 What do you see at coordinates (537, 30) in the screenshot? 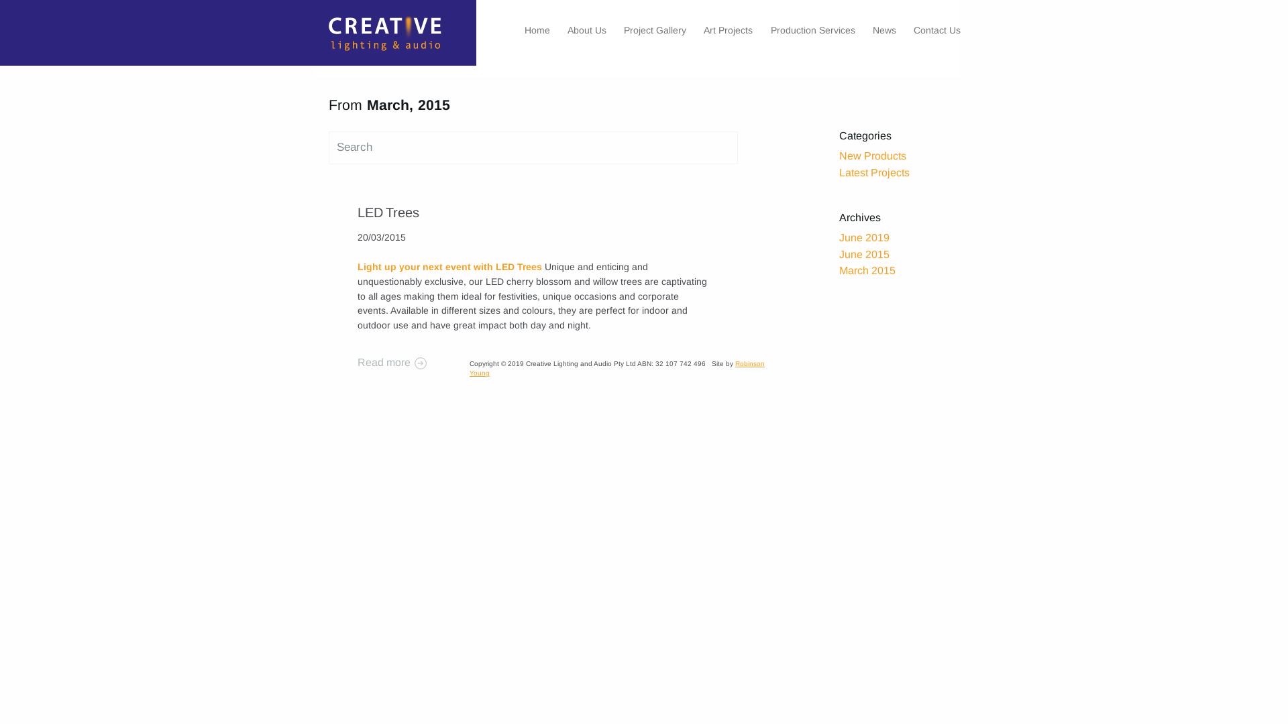
I see `'Home'` at bounding box center [537, 30].